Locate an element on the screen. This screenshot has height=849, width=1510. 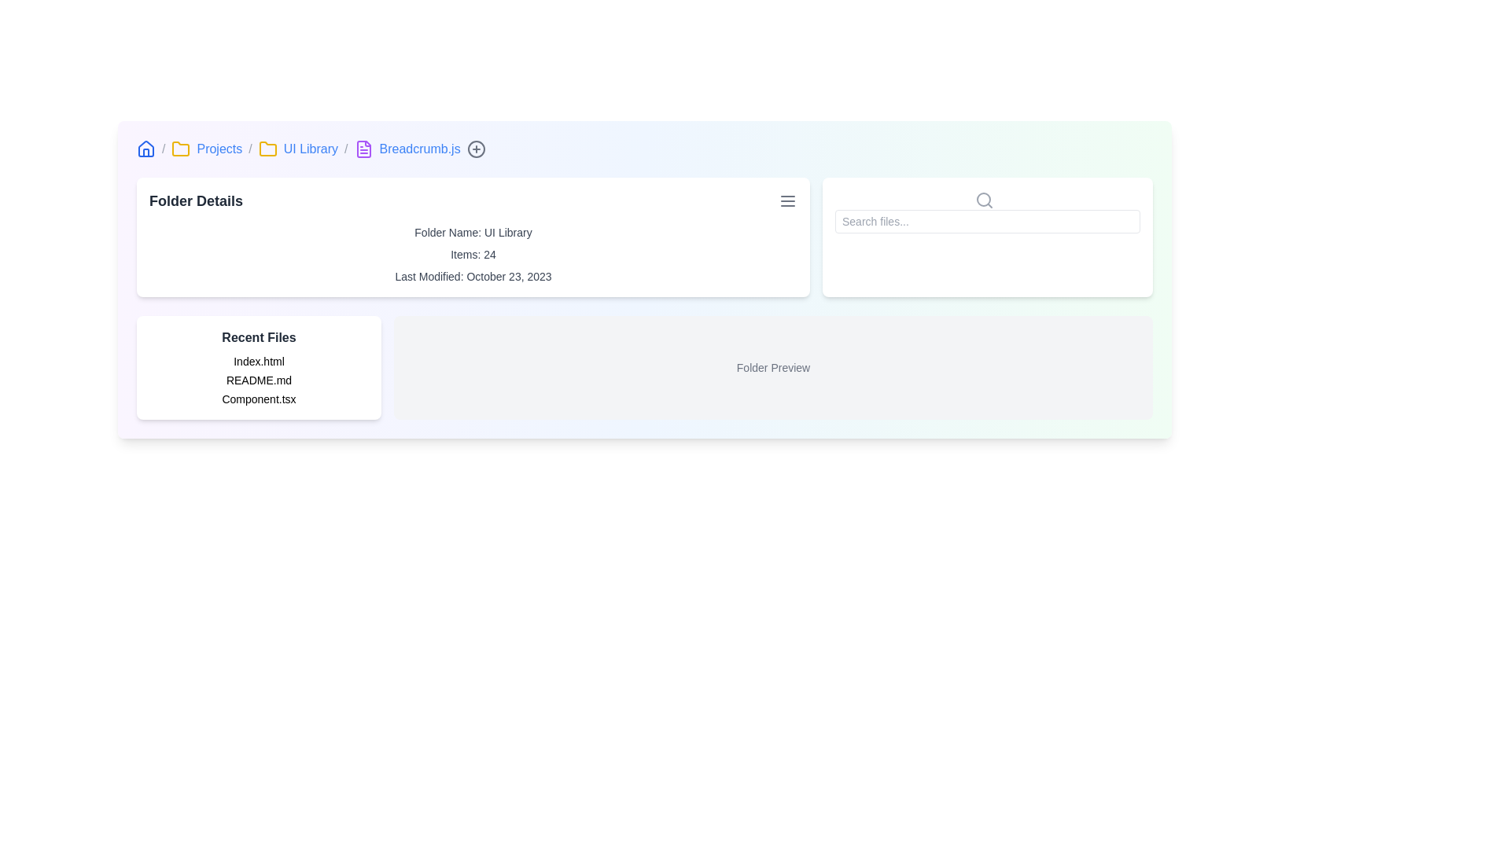
the blue house icon button in the breadcrumb navigation bar is located at coordinates (146, 149).